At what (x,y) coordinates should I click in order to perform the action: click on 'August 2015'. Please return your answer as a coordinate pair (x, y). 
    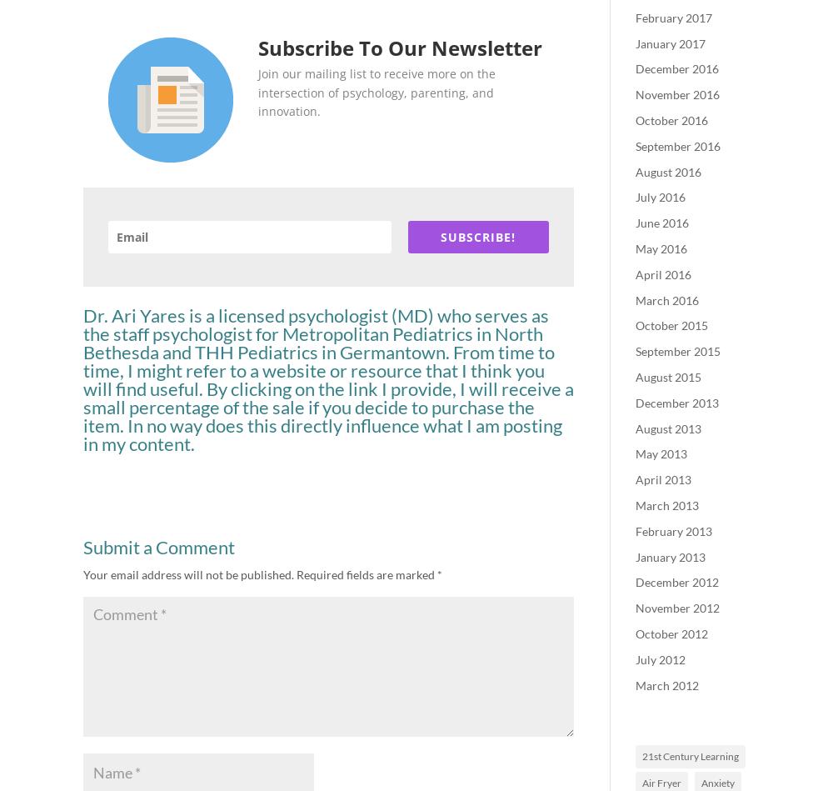
    Looking at the image, I should click on (668, 376).